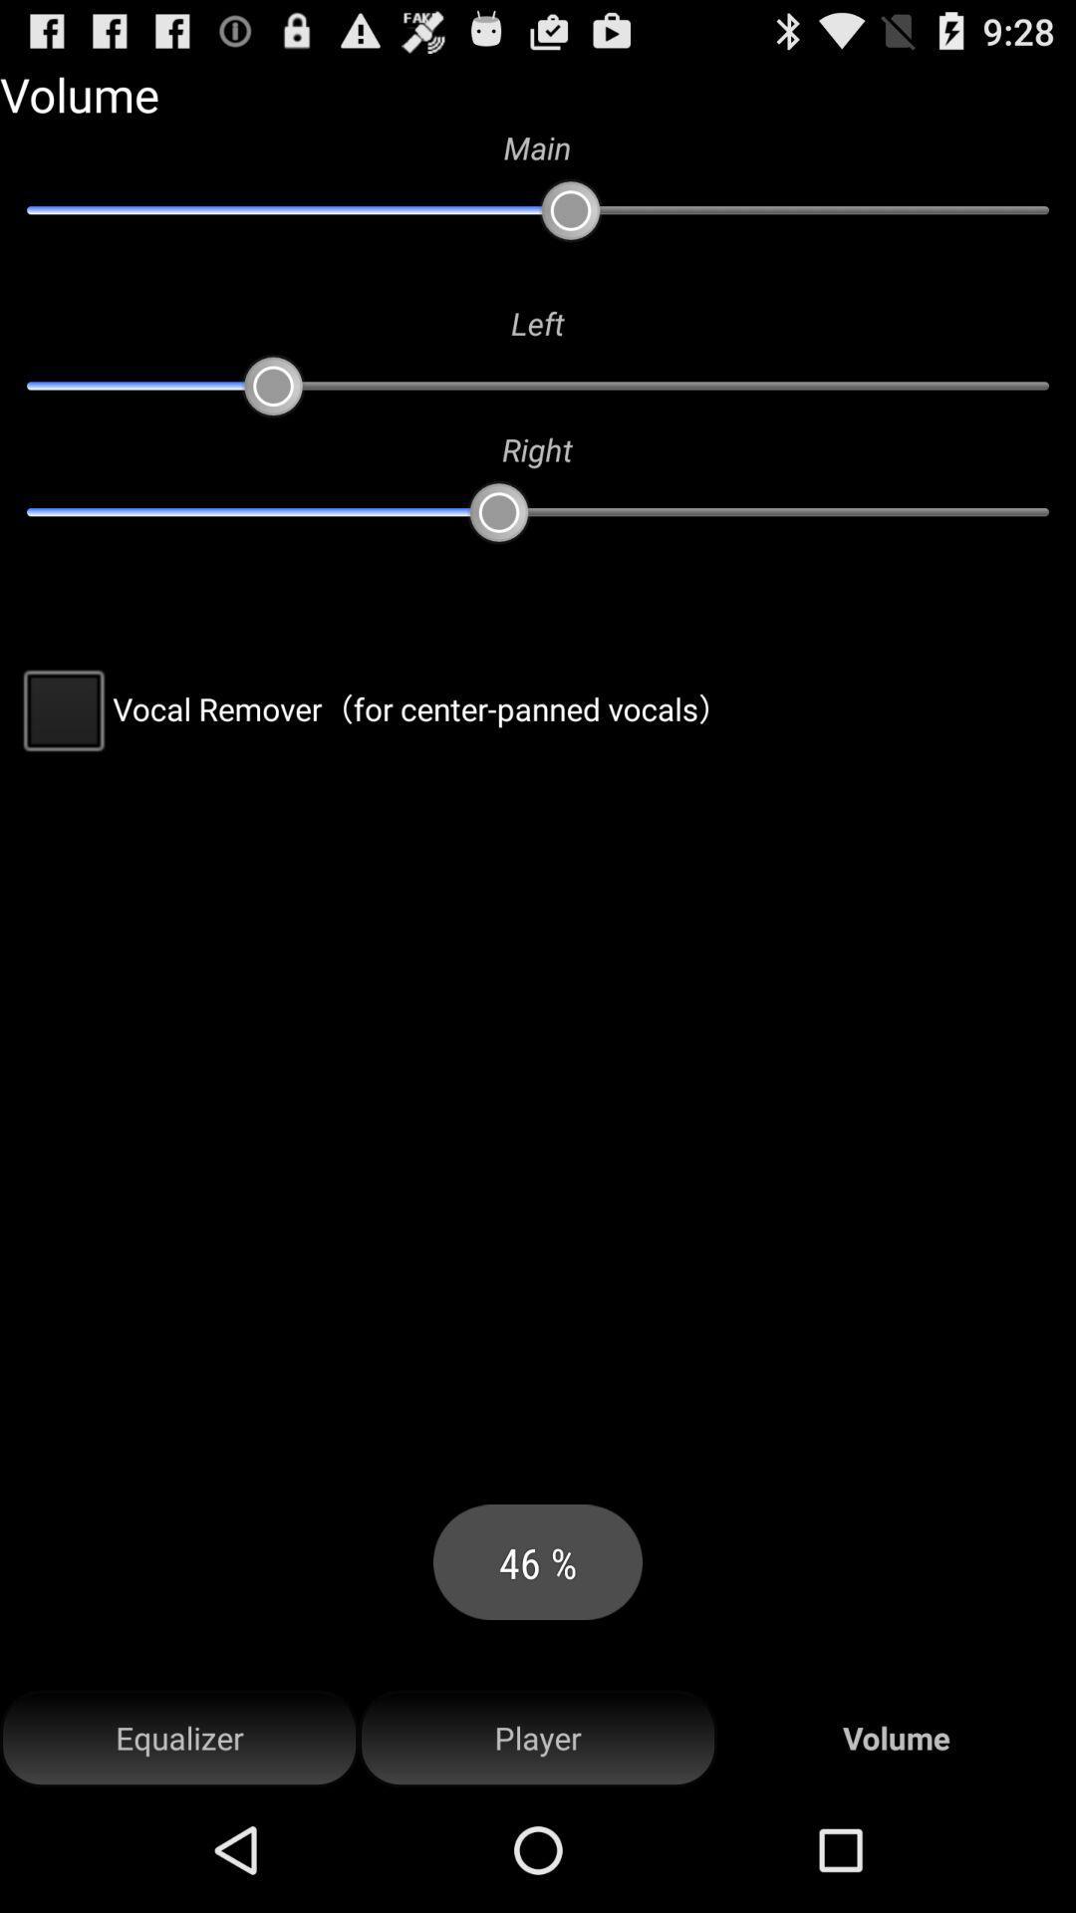 The height and width of the screenshot is (1913, 1076). What do you see at coordinates (372, 708) in the screenshot?
I see `the vocal remover for icon` at bounding box center [372, 708].